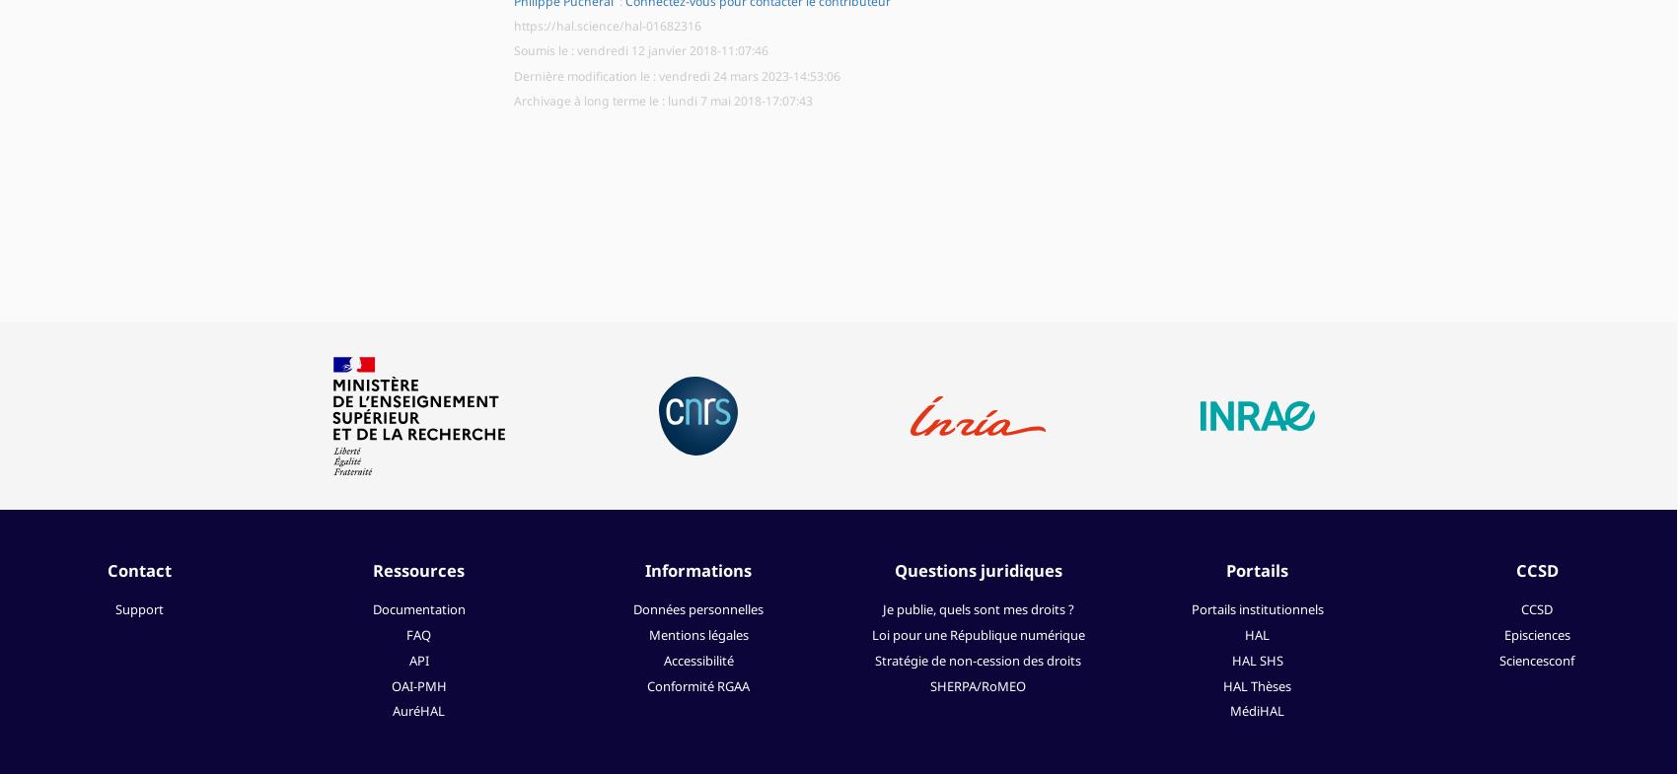 Image resolution: width=1678 pixels, height=774 pixels. What do you see at coordinates (646, 685) in the screenshot?
I see `'Conformité RGAA'` at bounding box center [646, 685].